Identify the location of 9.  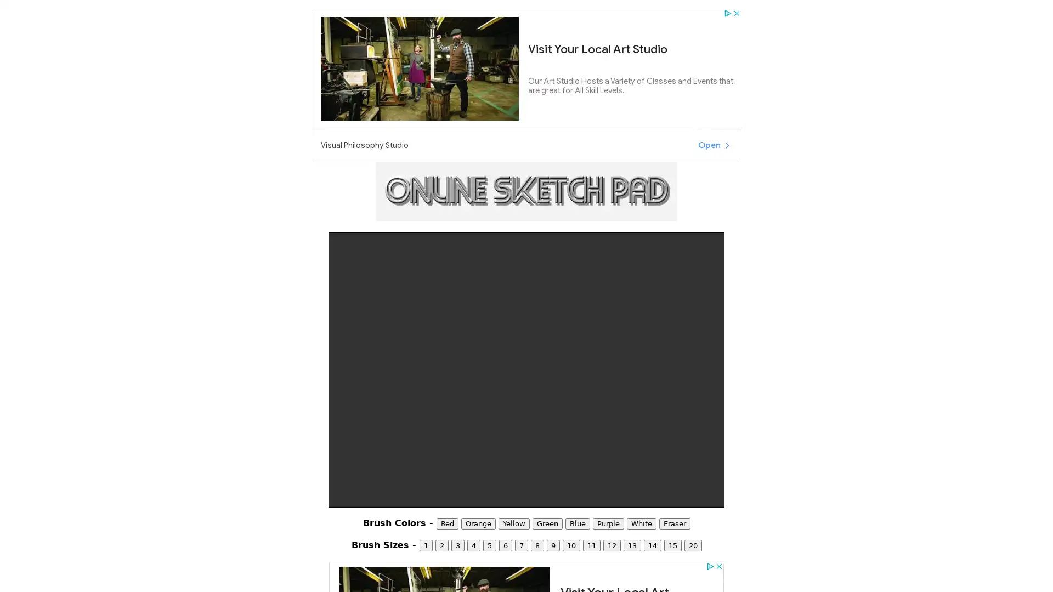
(553, 545).